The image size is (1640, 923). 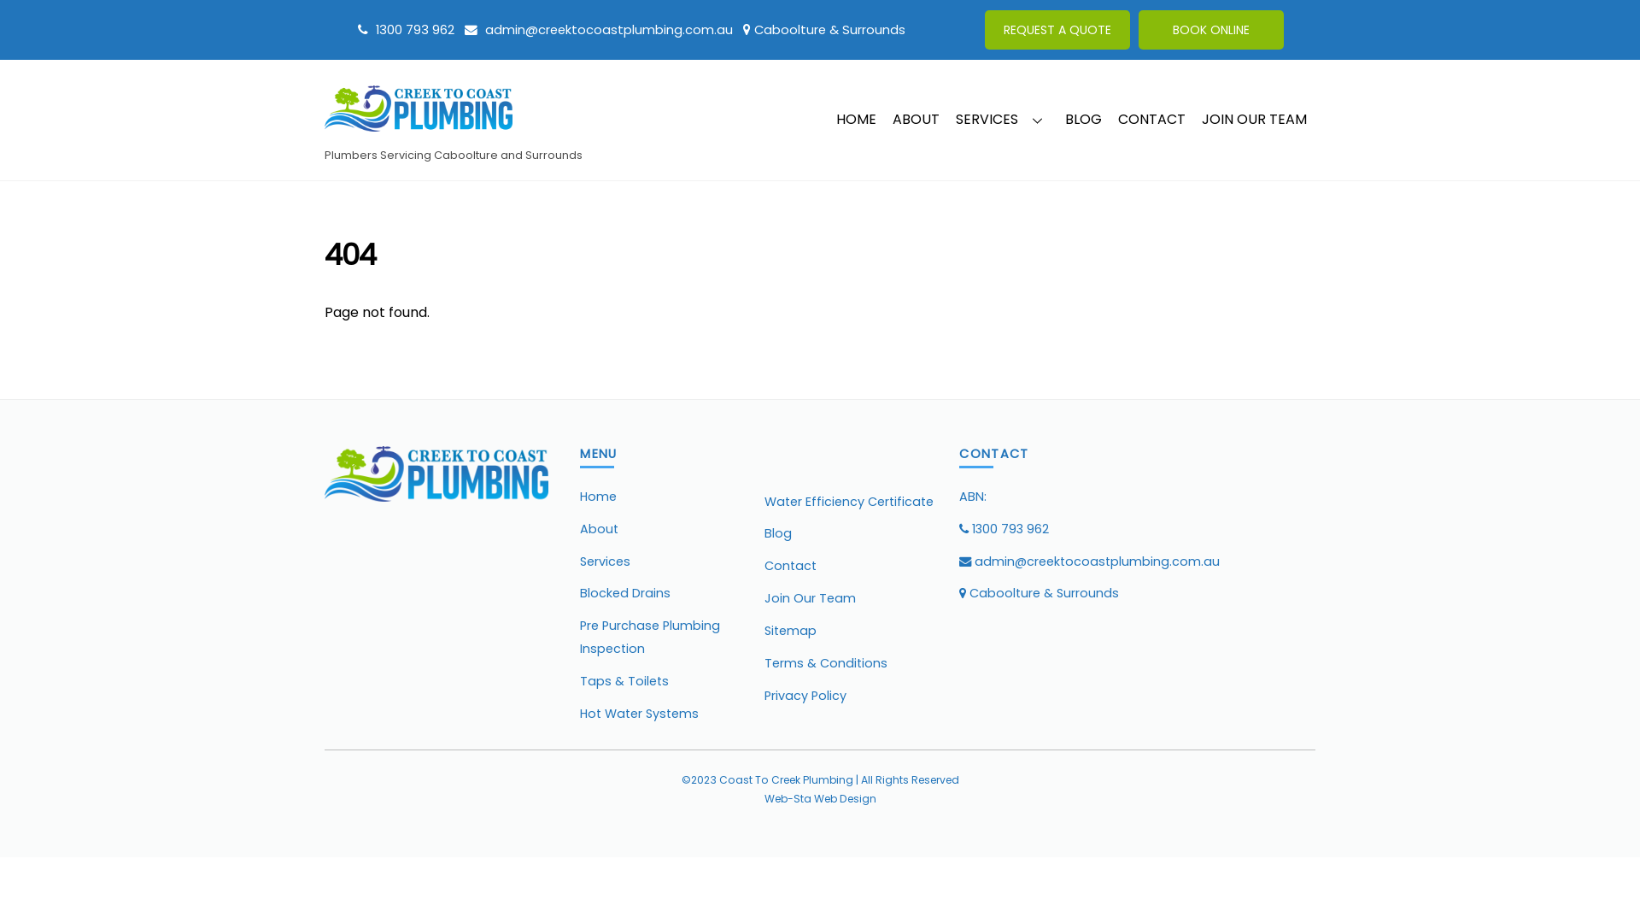 What do you see at coordinates (789, 630) in the screenshot?
I see `'Sitemap'` at bounding box center [789, 630].